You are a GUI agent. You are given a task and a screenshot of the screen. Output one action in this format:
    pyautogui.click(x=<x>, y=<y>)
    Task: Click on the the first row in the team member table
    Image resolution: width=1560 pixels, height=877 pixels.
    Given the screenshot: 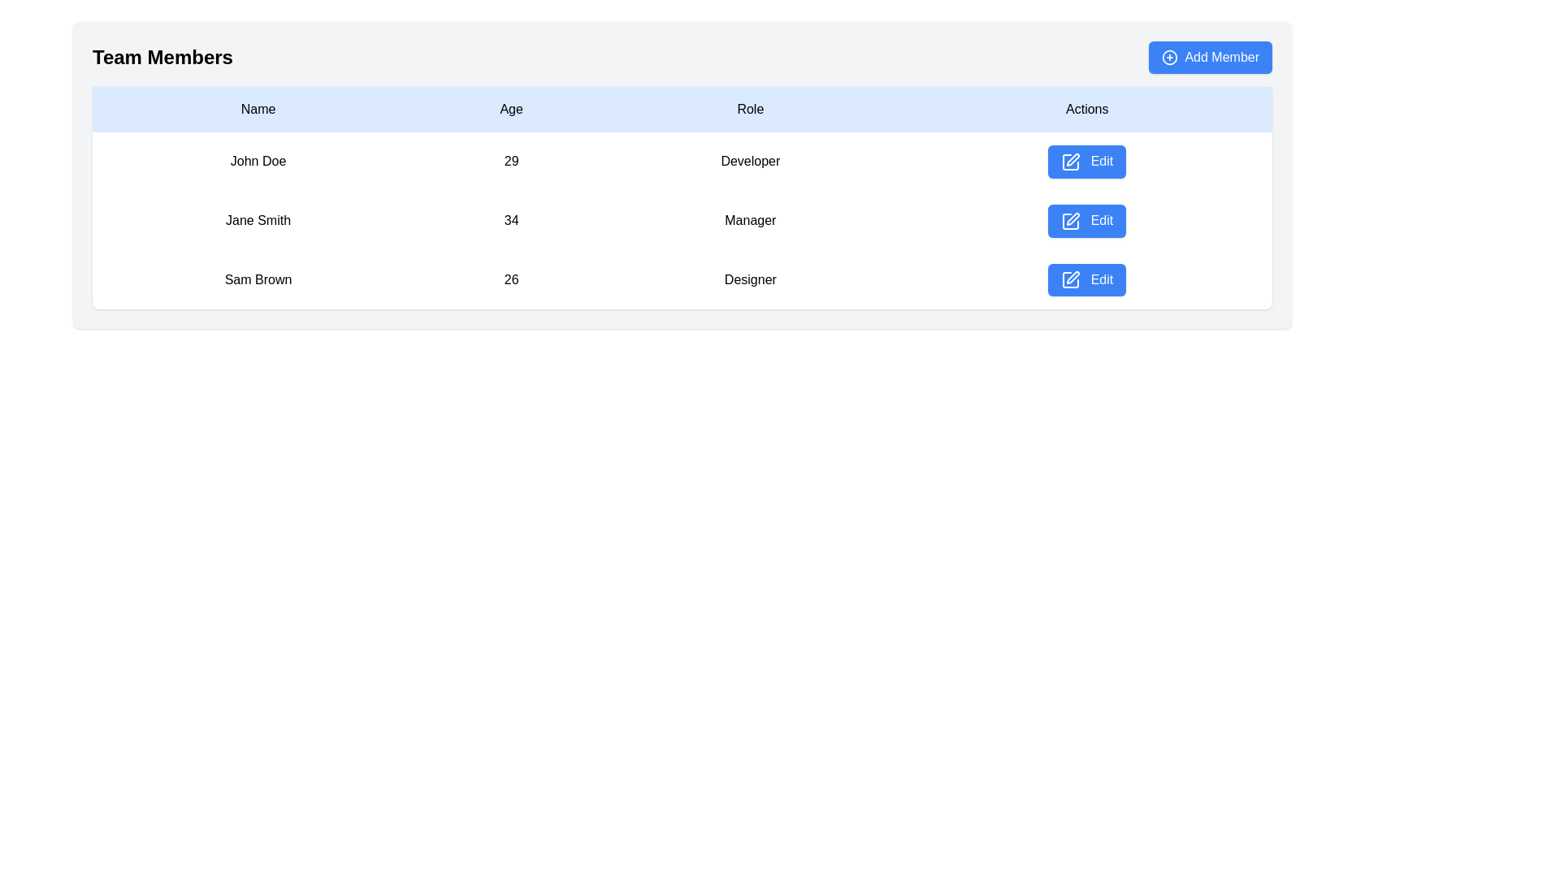 What is the action you would take?
    pyautogui.click(x=682, y=162)
    